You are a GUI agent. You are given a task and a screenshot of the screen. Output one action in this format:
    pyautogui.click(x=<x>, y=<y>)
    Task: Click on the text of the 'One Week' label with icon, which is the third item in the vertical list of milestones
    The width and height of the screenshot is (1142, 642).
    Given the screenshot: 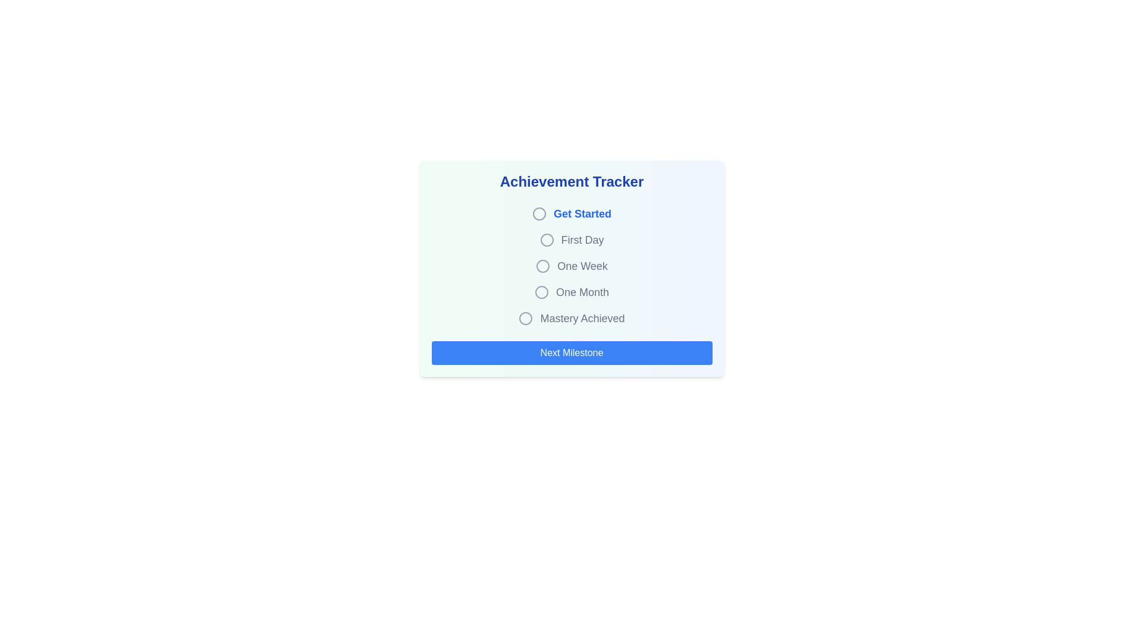 What is the action you would take?
    pyautogui.click(x=572, y=265)
    